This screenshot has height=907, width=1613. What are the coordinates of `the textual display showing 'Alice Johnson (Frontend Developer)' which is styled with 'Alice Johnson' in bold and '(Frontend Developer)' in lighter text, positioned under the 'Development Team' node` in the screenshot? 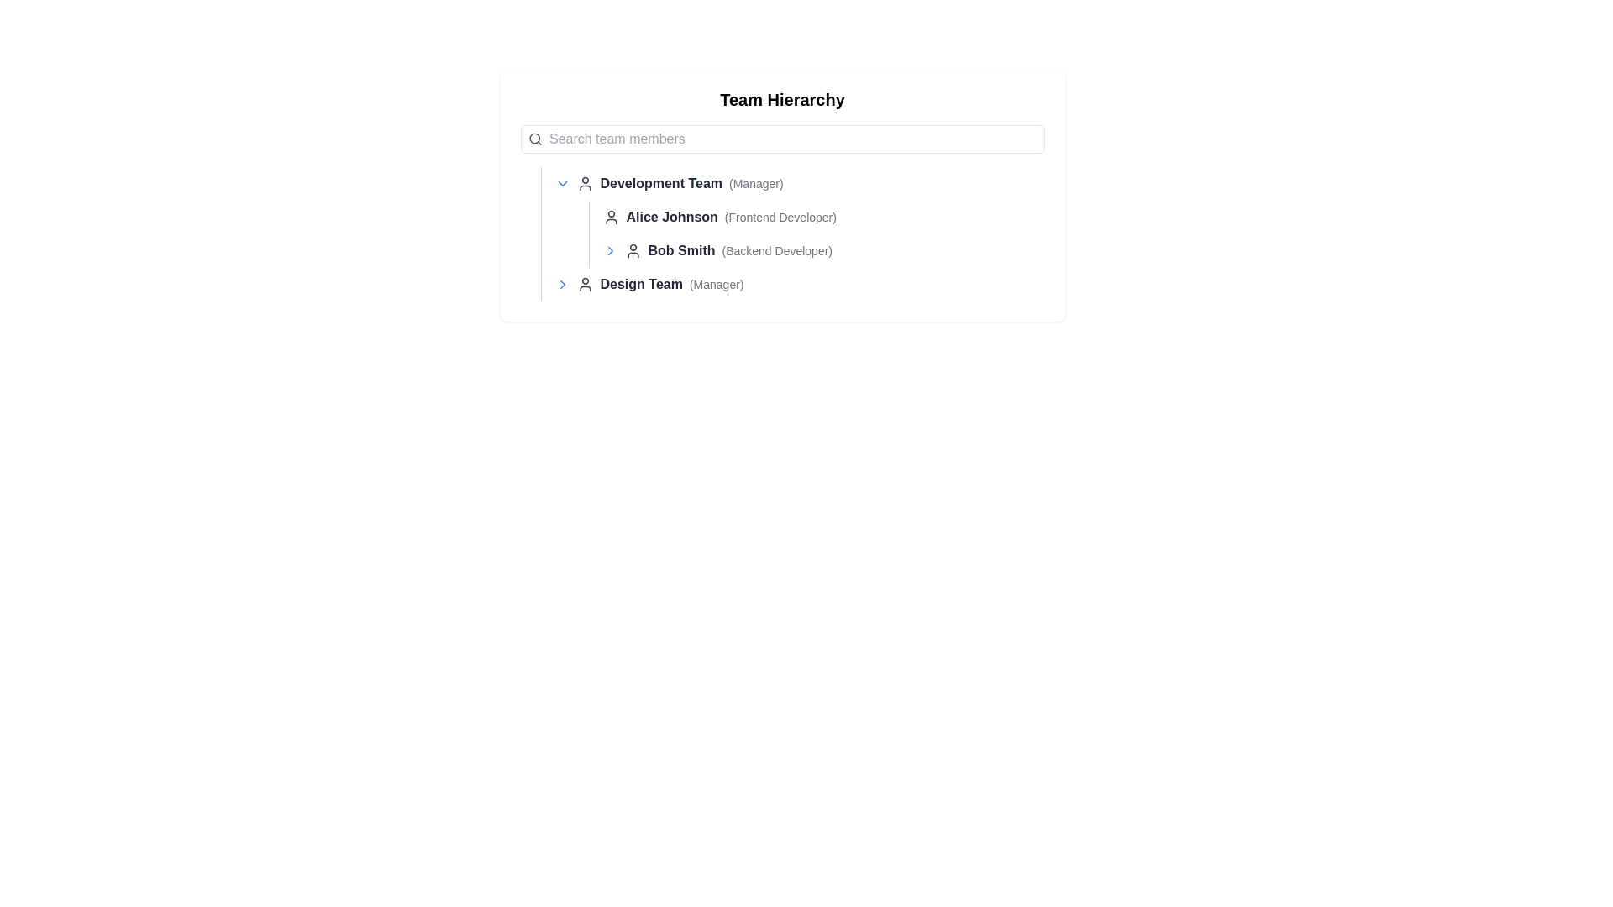 It's located at (823, 216).